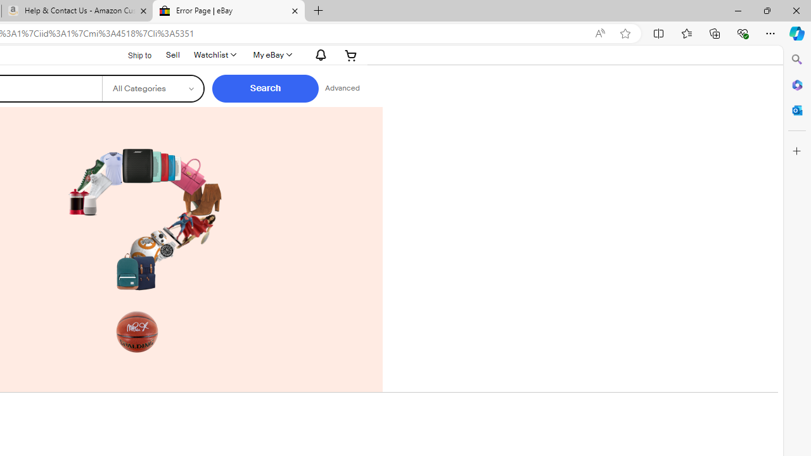  I want to click on 'Notifications', so click(317, 54).